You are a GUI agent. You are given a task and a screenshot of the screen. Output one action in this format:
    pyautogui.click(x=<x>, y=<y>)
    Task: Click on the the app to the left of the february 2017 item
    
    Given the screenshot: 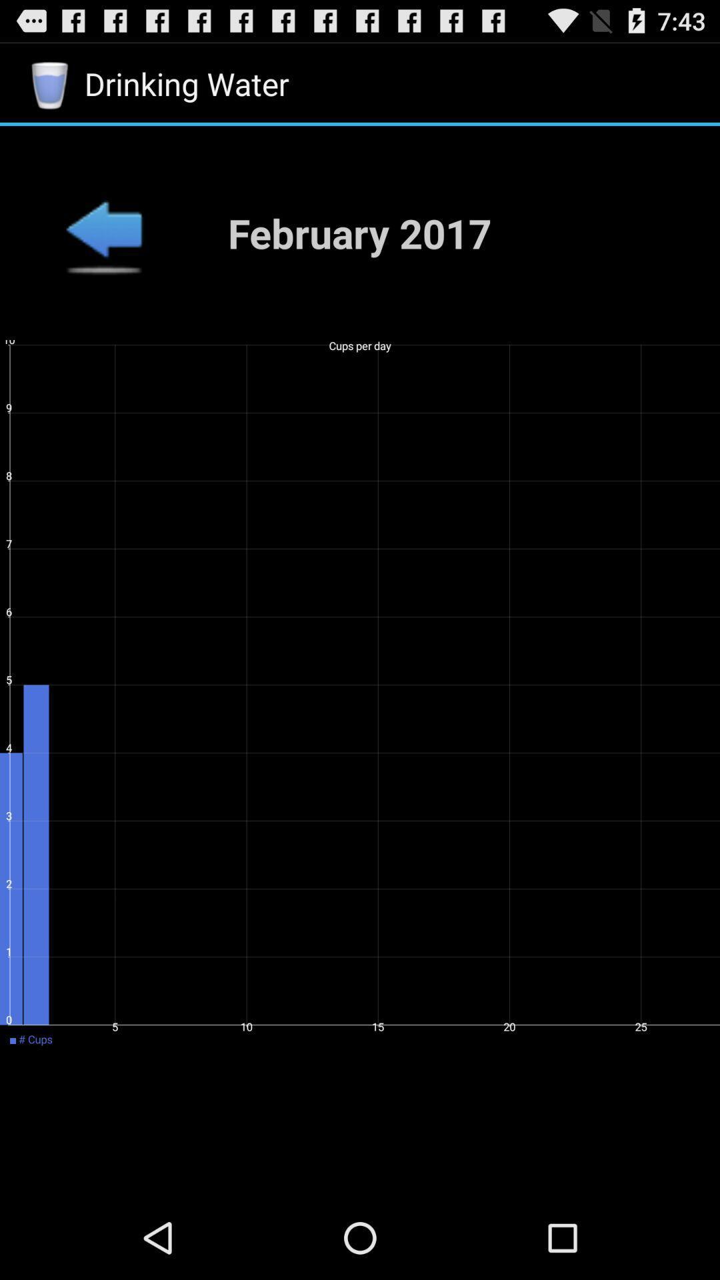 What is the action you would take?
    pyautogui.click(x=103, y=233)
    